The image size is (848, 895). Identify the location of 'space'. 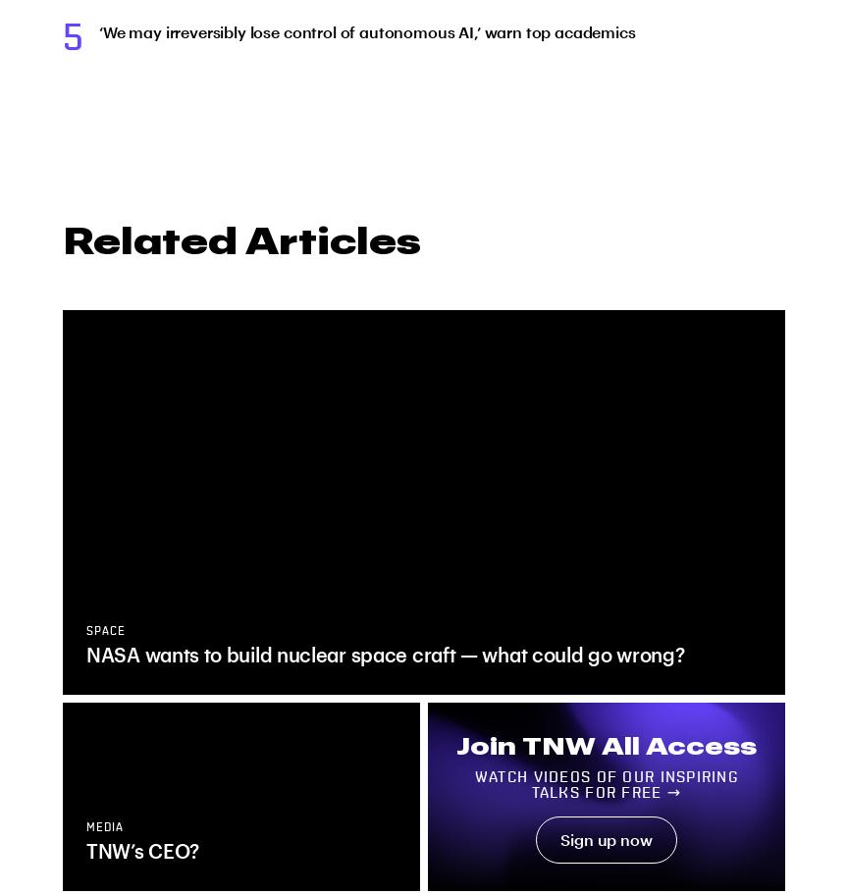
(105, 631).